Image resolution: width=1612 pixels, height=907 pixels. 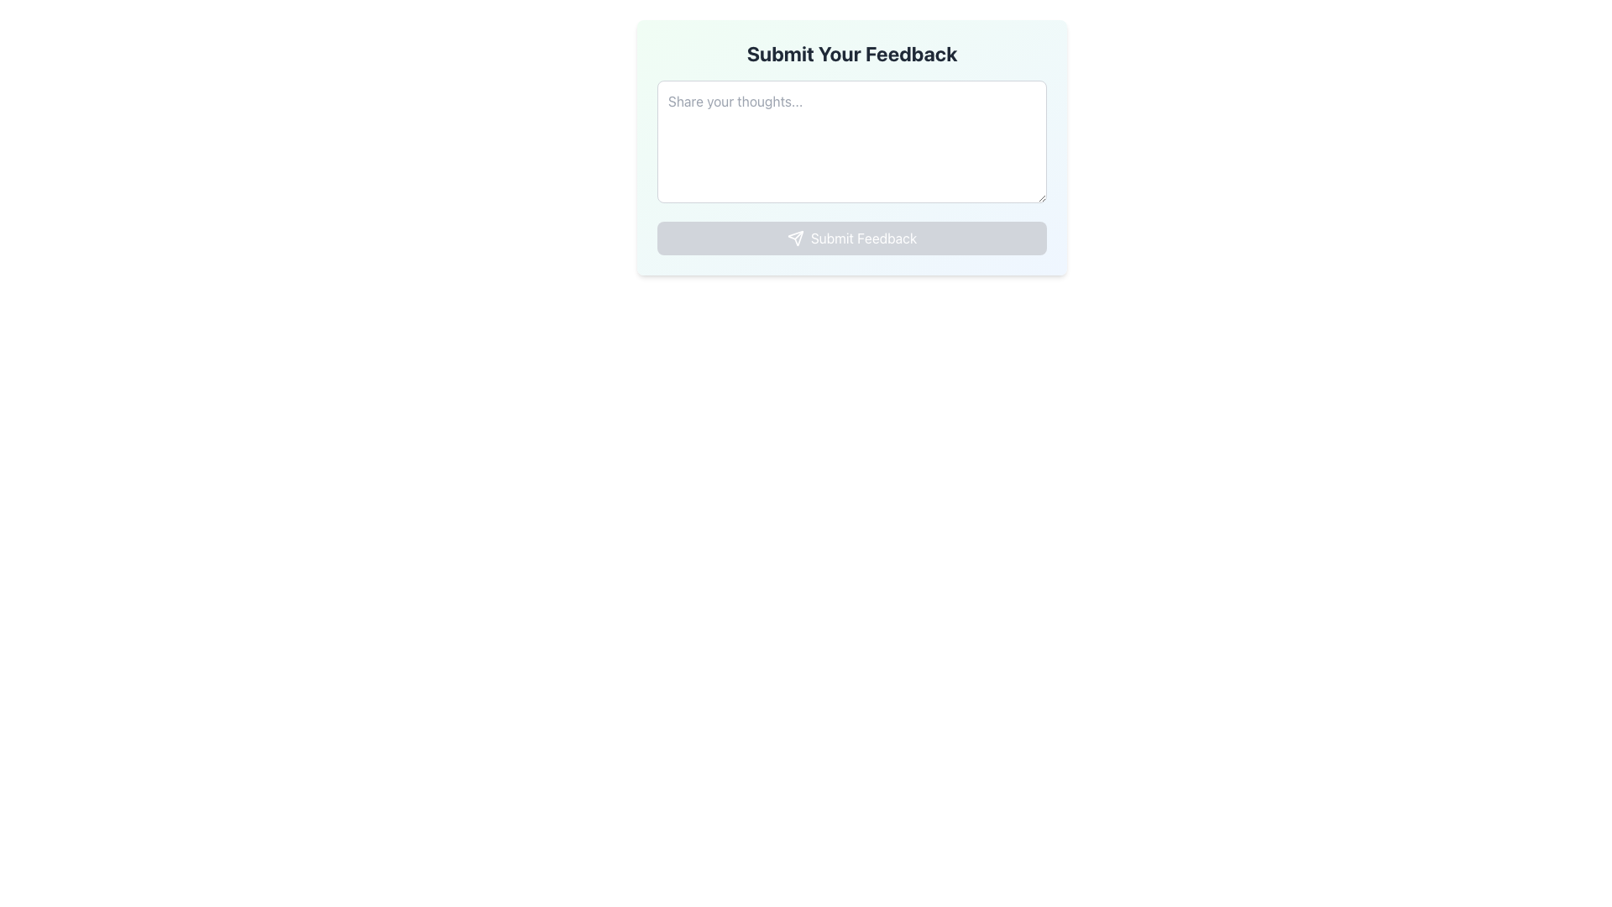 What do you see at coordinates (851, 239) in the screenshot?
I see `the submission button located below the 'Share your thoughts...' text input field` at bounding box center [851, 239].